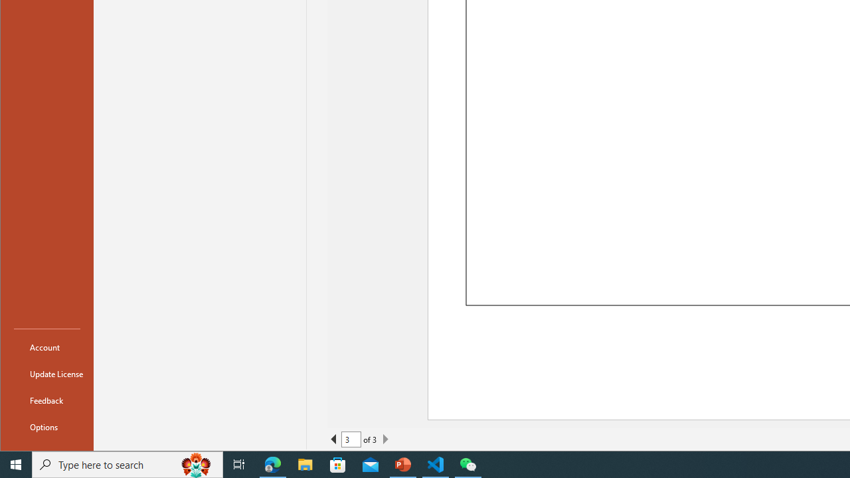 The width and height of the screenshot is (850, 478). I want to click on 'Account', so click(47, 347).